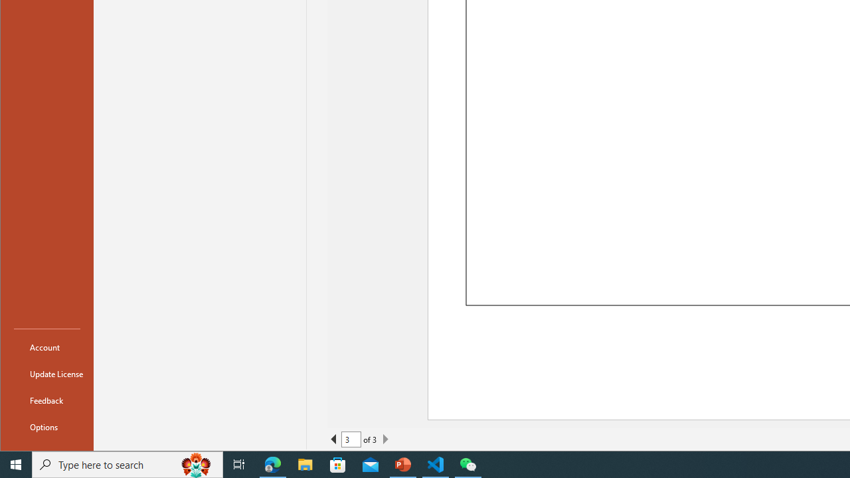 The width and height of the screenshot is (850, 478). I want to click on 'Account', so click(47, 347).